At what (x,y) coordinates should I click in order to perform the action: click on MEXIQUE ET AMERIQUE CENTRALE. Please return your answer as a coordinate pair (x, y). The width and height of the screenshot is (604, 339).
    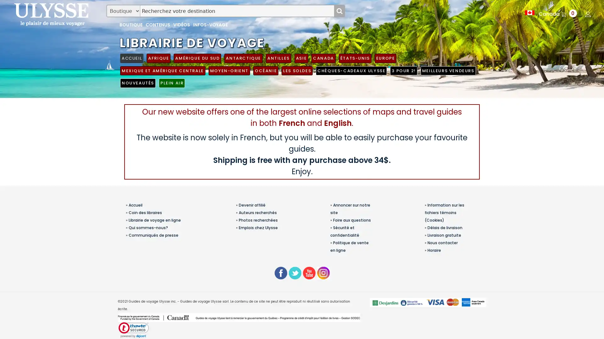
    Looking at the image, I should click on (163, 70).